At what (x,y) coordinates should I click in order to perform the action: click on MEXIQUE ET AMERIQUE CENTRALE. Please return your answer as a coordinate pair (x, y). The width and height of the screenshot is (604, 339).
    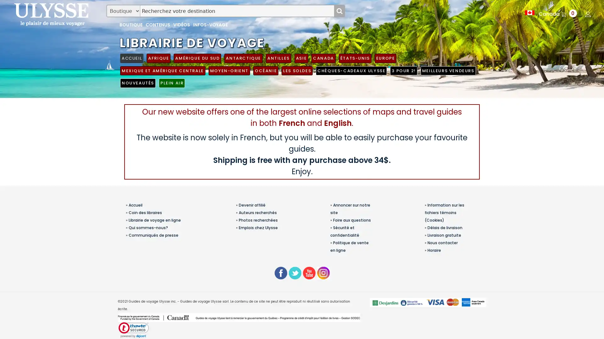
    Looking at the image, I should click on (163, 70).